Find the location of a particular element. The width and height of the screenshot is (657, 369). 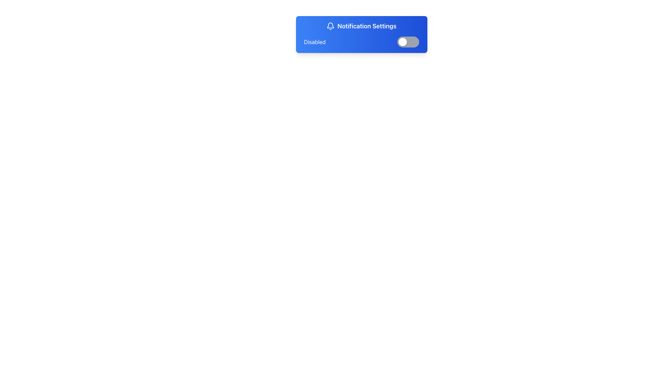

the Text Label indicating that the associated functionality is 'Disabled', which is positioned to the left of the toggle switch component is located at coordinates (314, 42).